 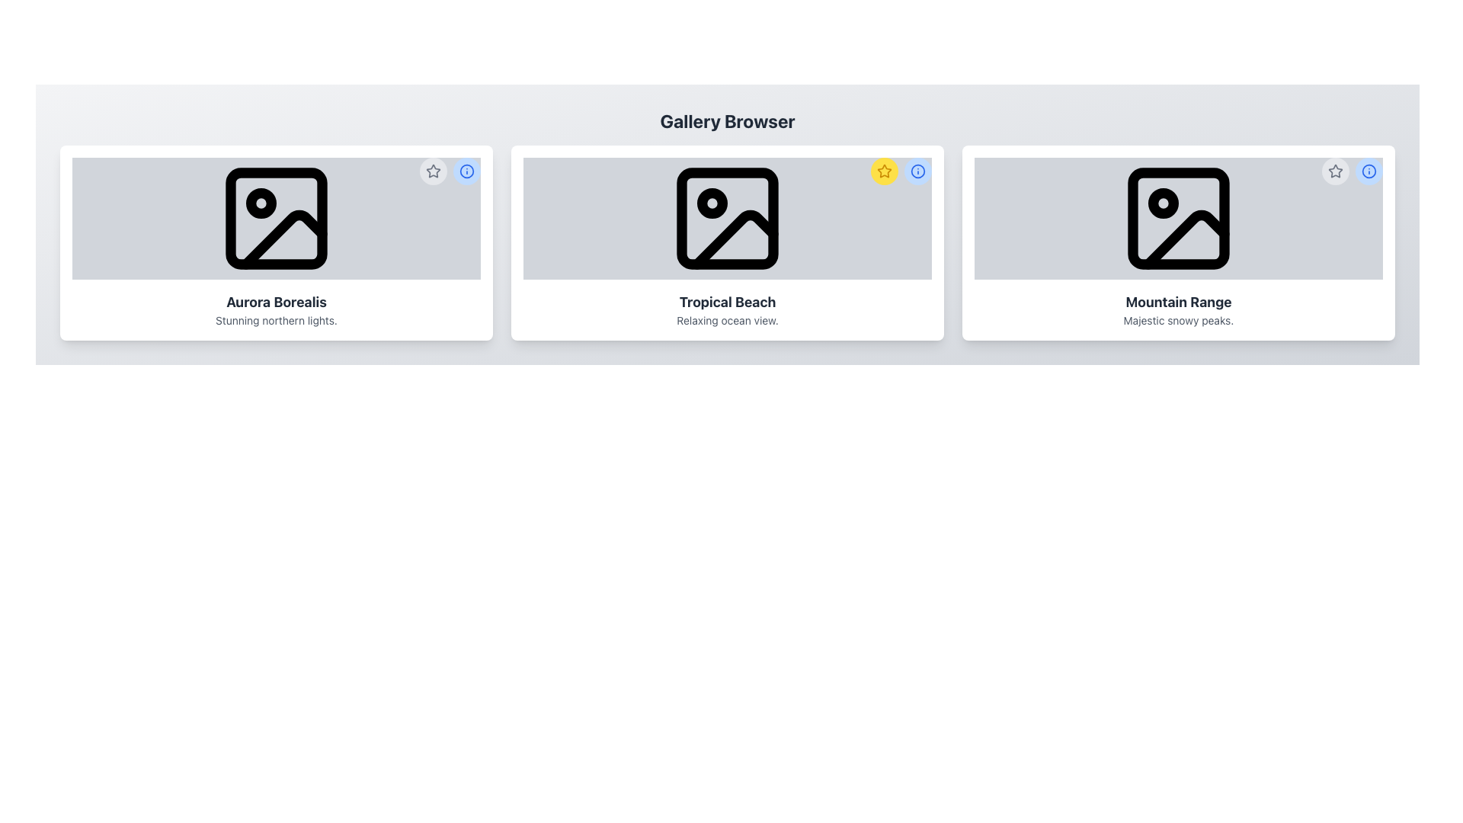 I want to click on the info button located at the top-right corner of the 'Aurora Borealis' card to possibly display a tooltip, so click(x=466, y=171).